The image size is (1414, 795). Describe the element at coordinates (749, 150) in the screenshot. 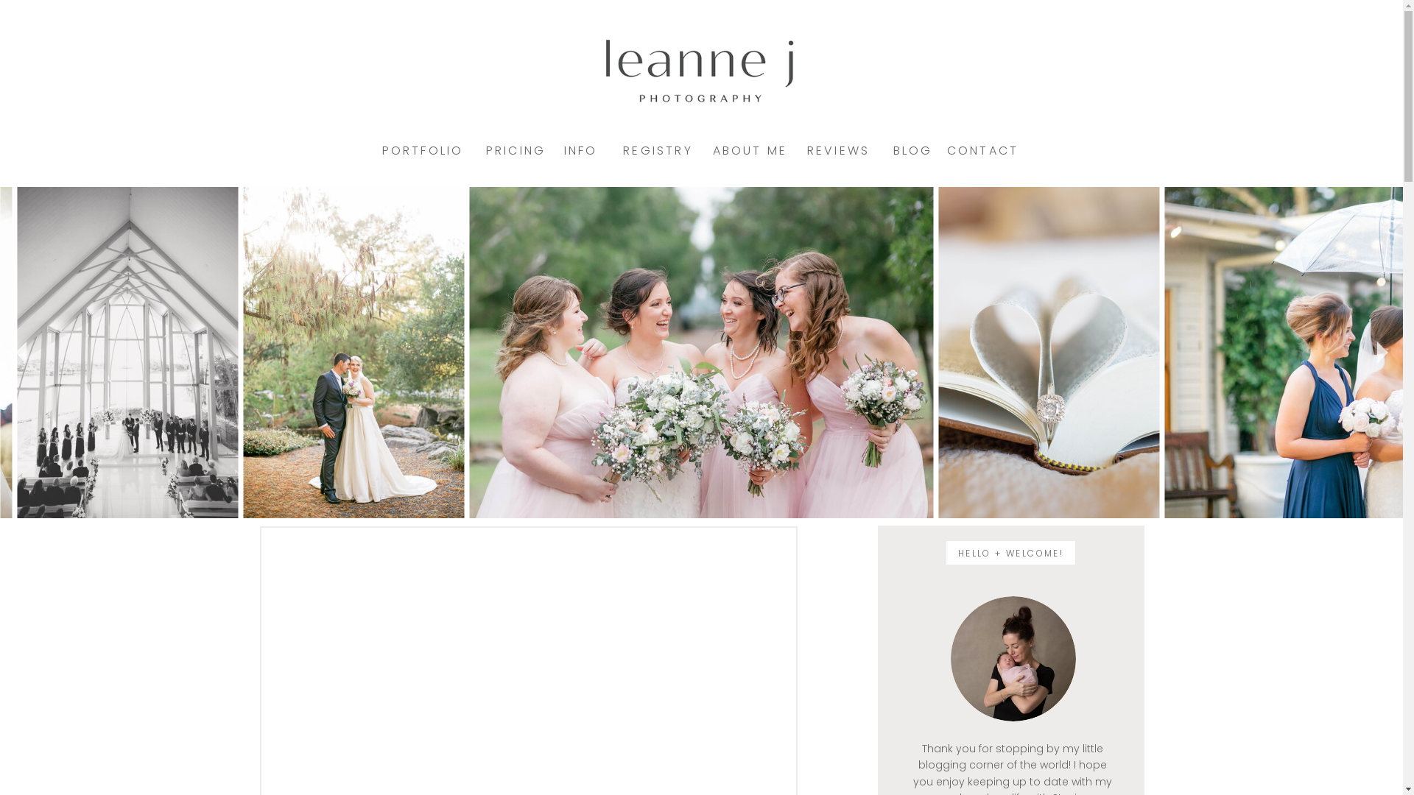

I see `'ABOUT ME'` at that location.